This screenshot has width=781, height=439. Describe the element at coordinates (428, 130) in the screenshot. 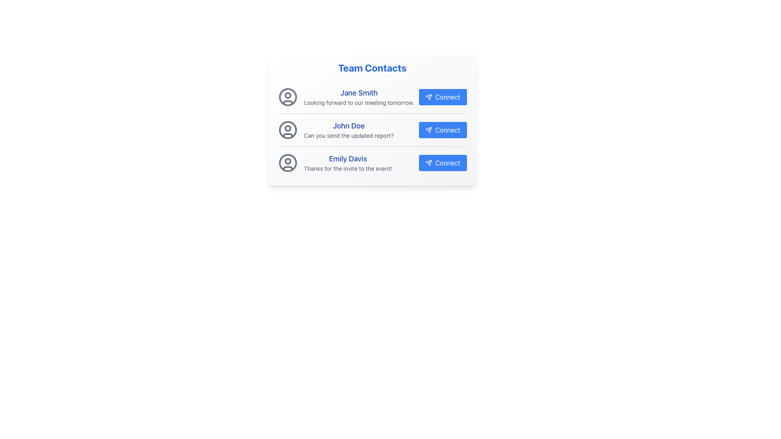

I see `the send icon that represents the action of sending a connection request, located to the left of the 'Connect' label for the button associated with 'John Doe'` at that location.